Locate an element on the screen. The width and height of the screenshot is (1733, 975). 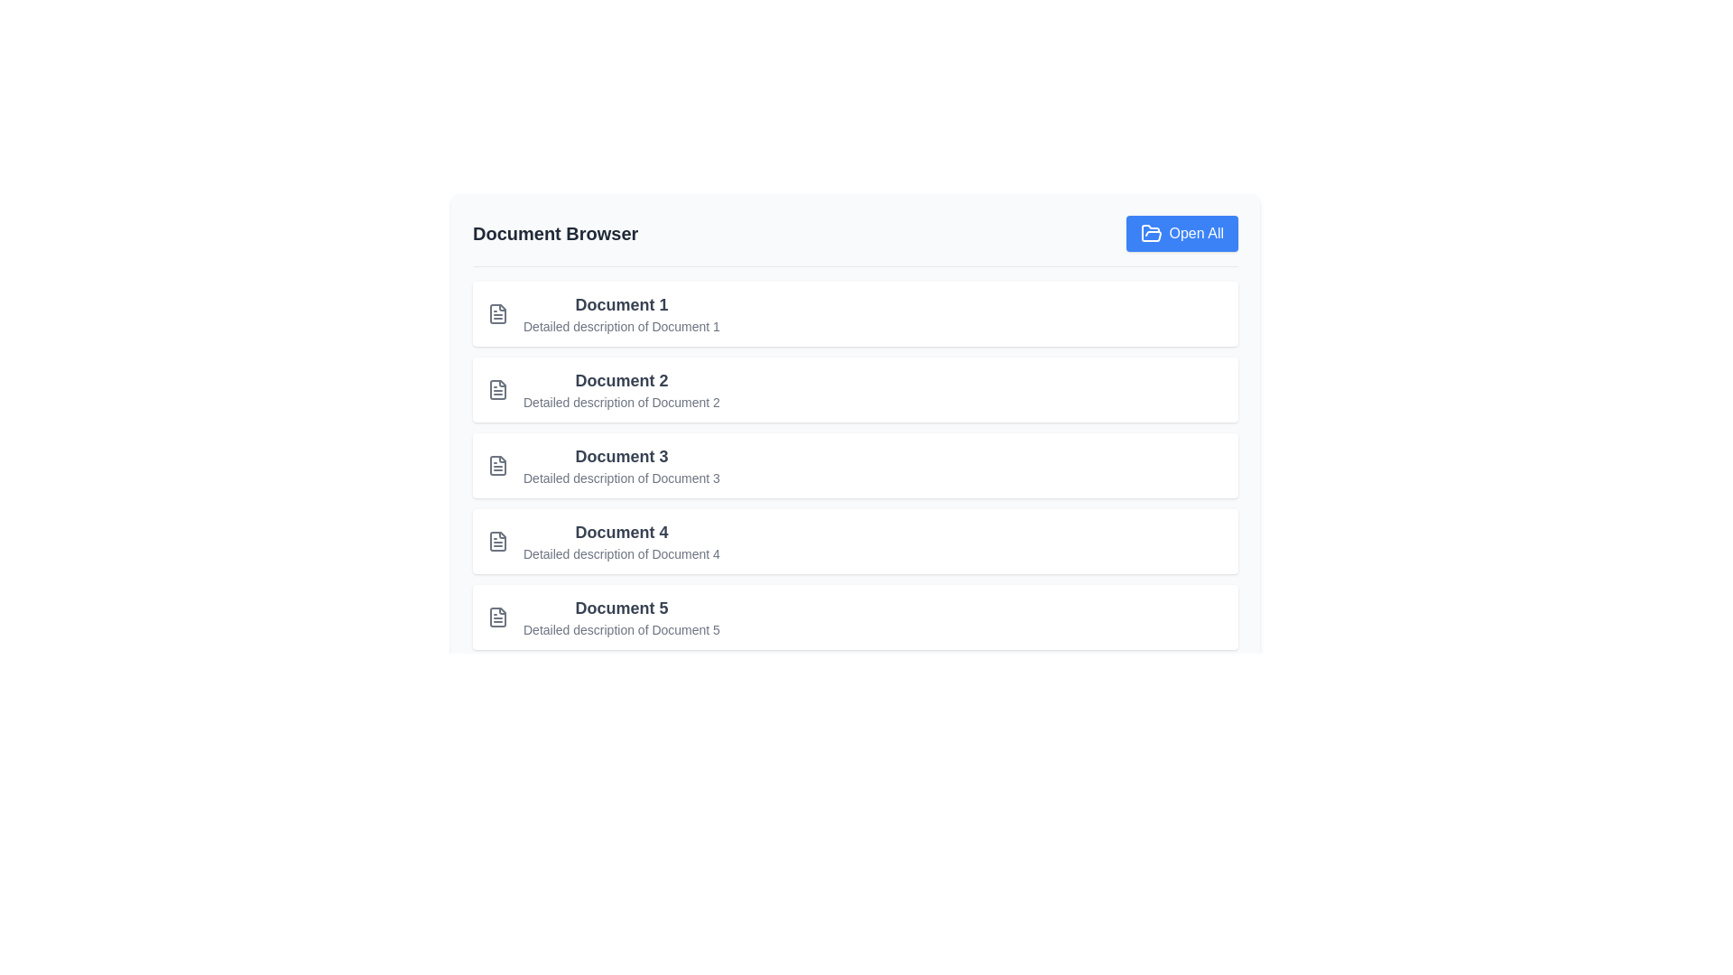
the text label providing additional details about 'Document 2', located directly below the heading is located at coordinates (621, 402).